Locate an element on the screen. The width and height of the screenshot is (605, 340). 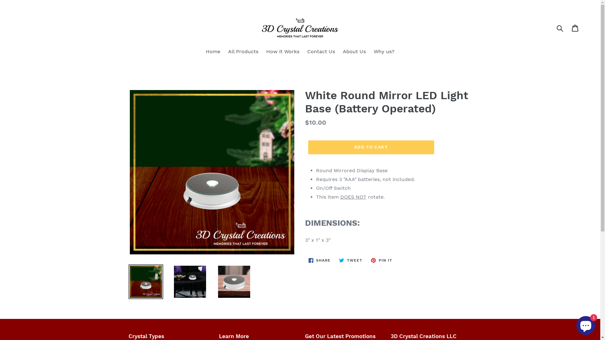
'Cart' is located at coordinates (575, 27).